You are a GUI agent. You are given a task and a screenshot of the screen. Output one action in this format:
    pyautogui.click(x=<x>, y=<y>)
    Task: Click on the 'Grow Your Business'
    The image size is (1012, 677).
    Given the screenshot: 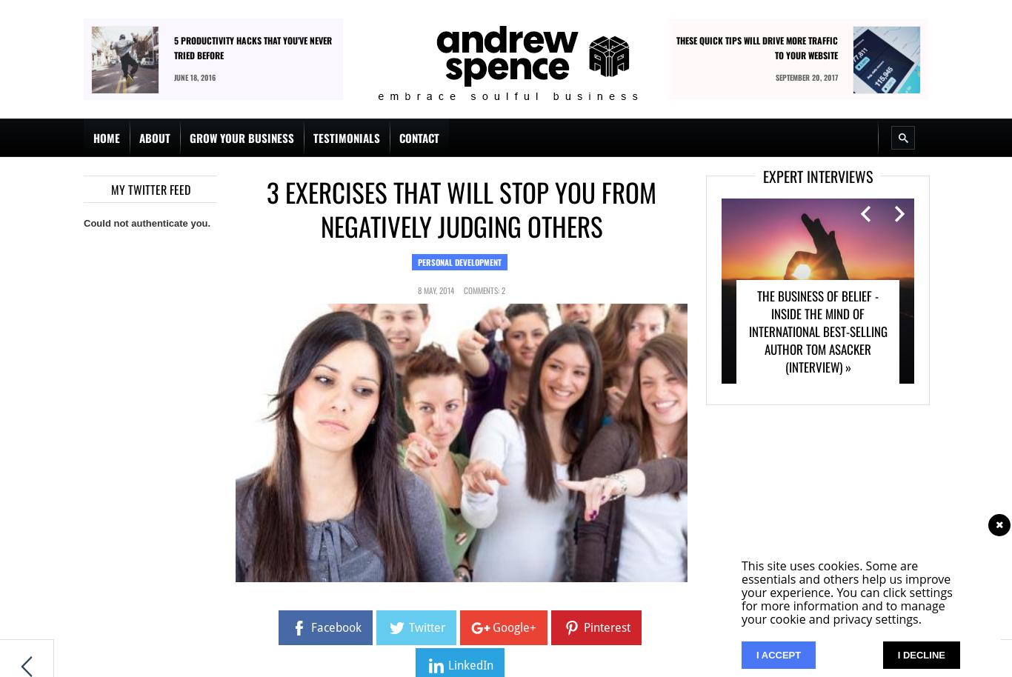 What is the action you would take?
    pyautogui.click(x=242, y=137)
    